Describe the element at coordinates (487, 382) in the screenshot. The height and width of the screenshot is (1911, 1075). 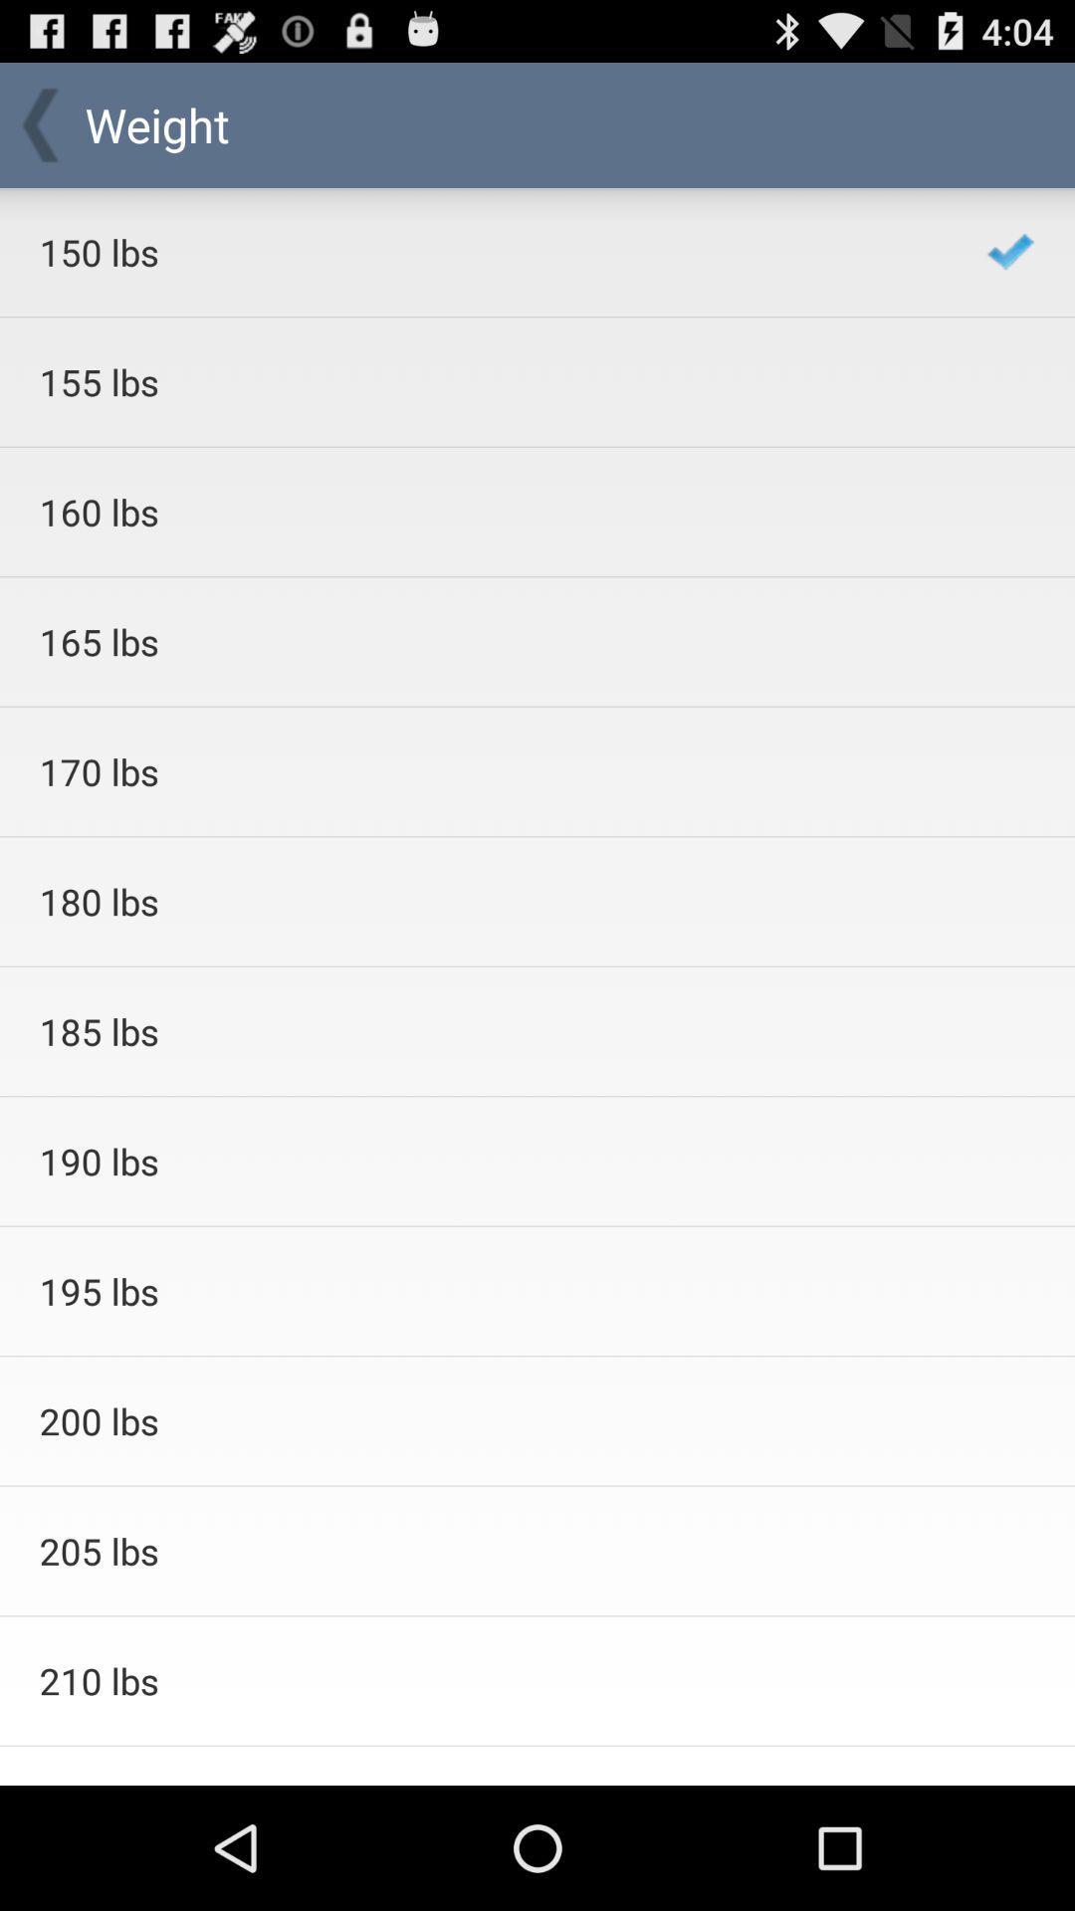
I see `the item below 150 lbs app` at that location.